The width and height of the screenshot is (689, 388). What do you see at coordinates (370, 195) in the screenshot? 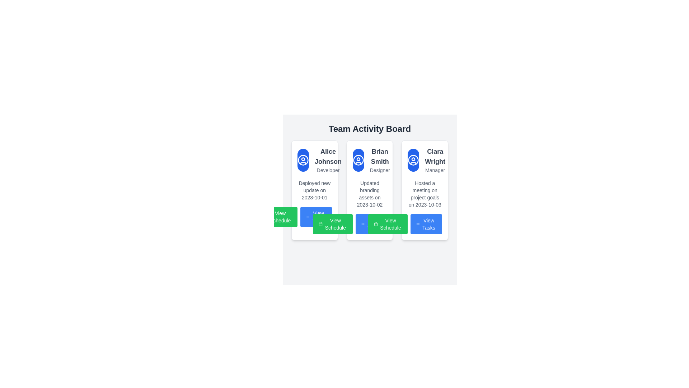
I see `an action button inside the Team Activity Board to interact with user activities` at bounding box center [370, 195].